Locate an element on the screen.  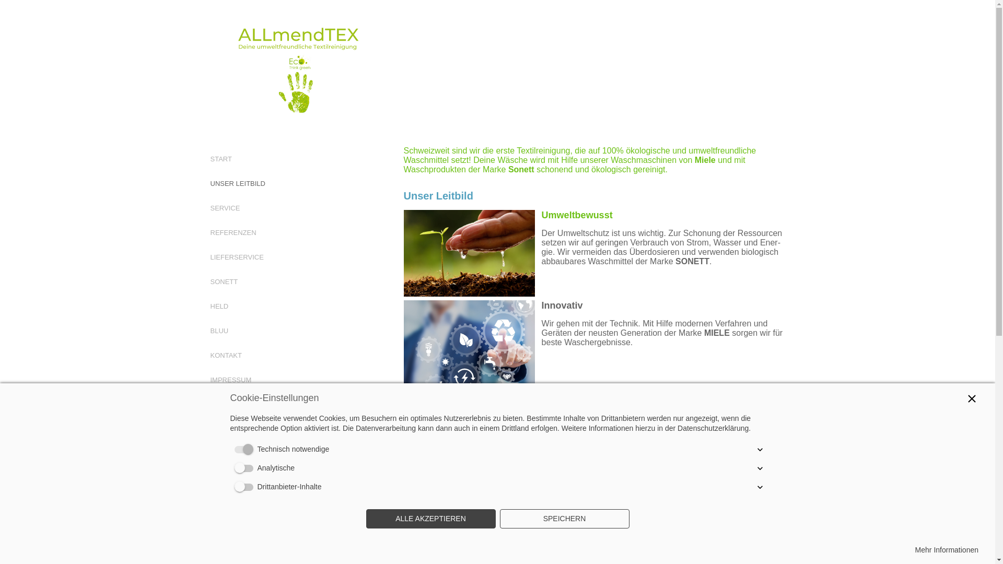
'SPEICHERN' is located at coordinates (564, 519).